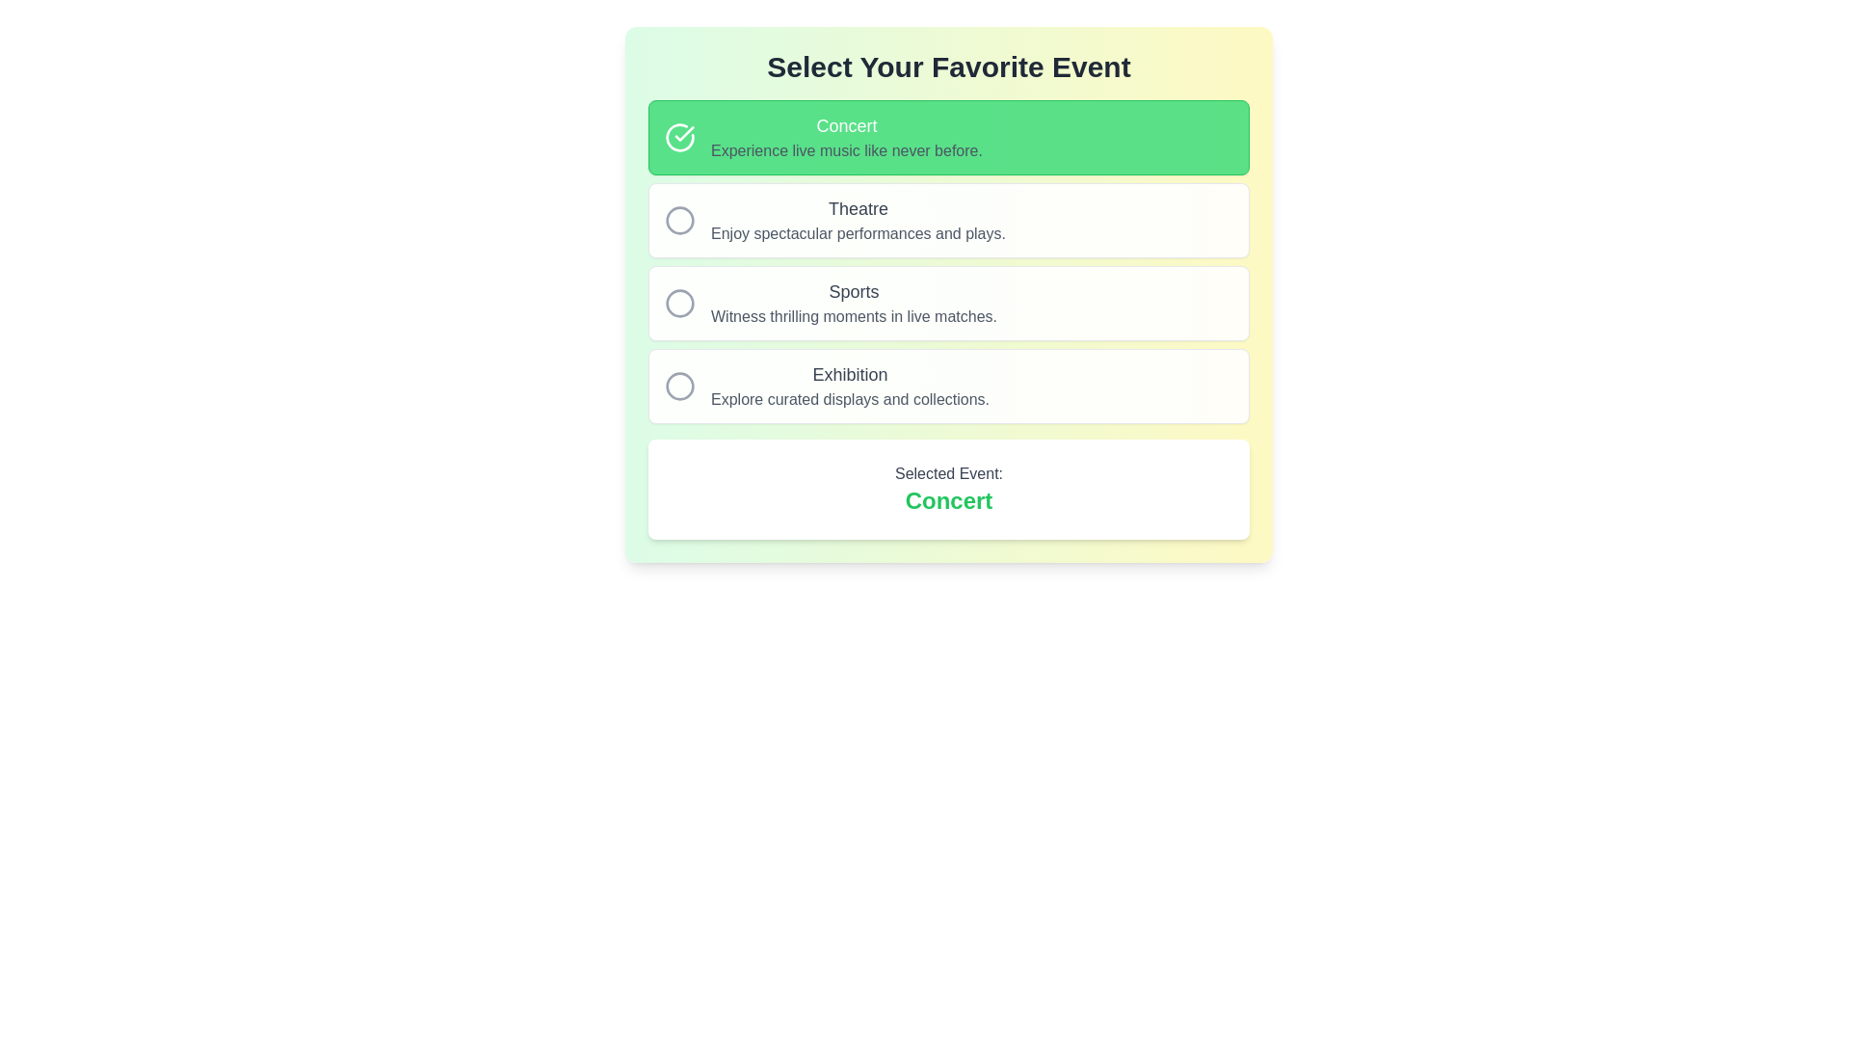 The width and height of the screenshot is (1850, 1041). Describe the element at coordinates (948, 304) in the screenshot. I see `the 'Sports' radio button, which is the third option in a list of selectable items, by clicking on it` at that location.